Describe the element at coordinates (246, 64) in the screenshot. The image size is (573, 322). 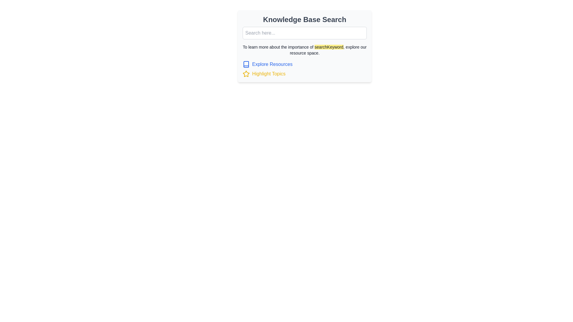
I see `the decorative icon located to the left of the 'Explore Resources' text, which emphasizes the resource section` at that location.